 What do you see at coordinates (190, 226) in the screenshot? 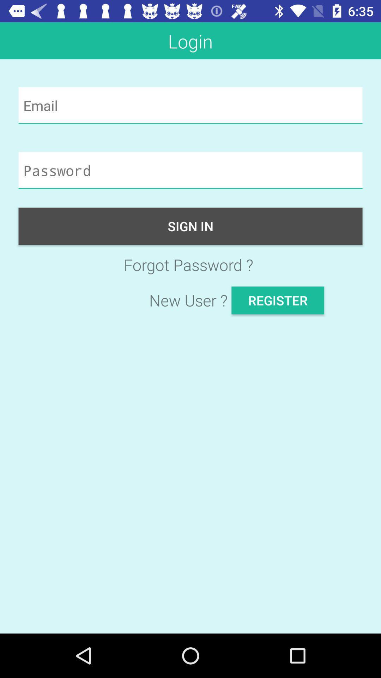
I see `item above forgot password ?  icon` at bounding box center [190, 226].